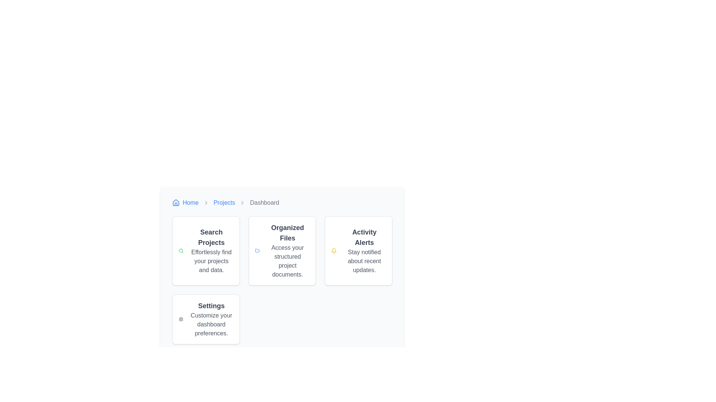 Image resolution: width=716 pixels, height=402 pixels. What do you see at coordinates (181, 319) in the screenshot?
I see `the gear icon representing the settings functionality located to the left of the 'Settings' text on the dashboard` at bounding box center [181, 319].